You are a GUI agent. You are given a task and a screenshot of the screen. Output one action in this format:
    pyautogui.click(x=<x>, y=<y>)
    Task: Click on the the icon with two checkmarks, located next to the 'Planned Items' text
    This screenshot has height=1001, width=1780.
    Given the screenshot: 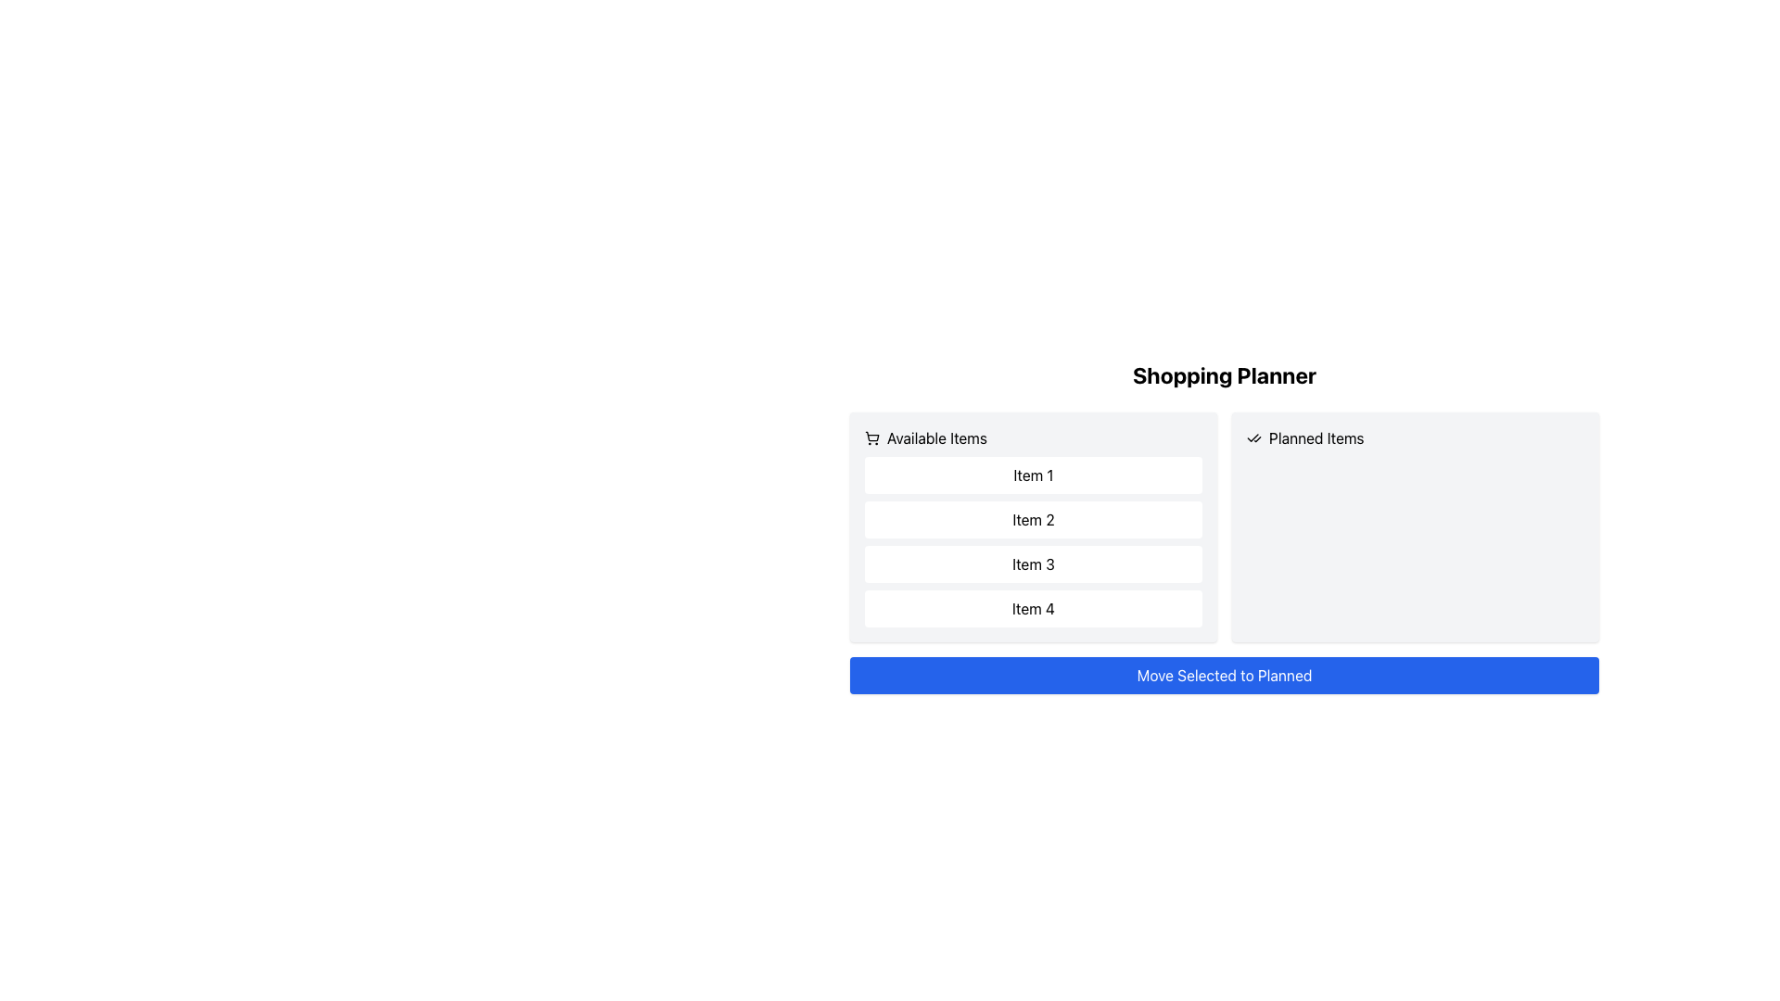 What is the action you would take?
    pyautogui.click(x=1254, y=438)
    